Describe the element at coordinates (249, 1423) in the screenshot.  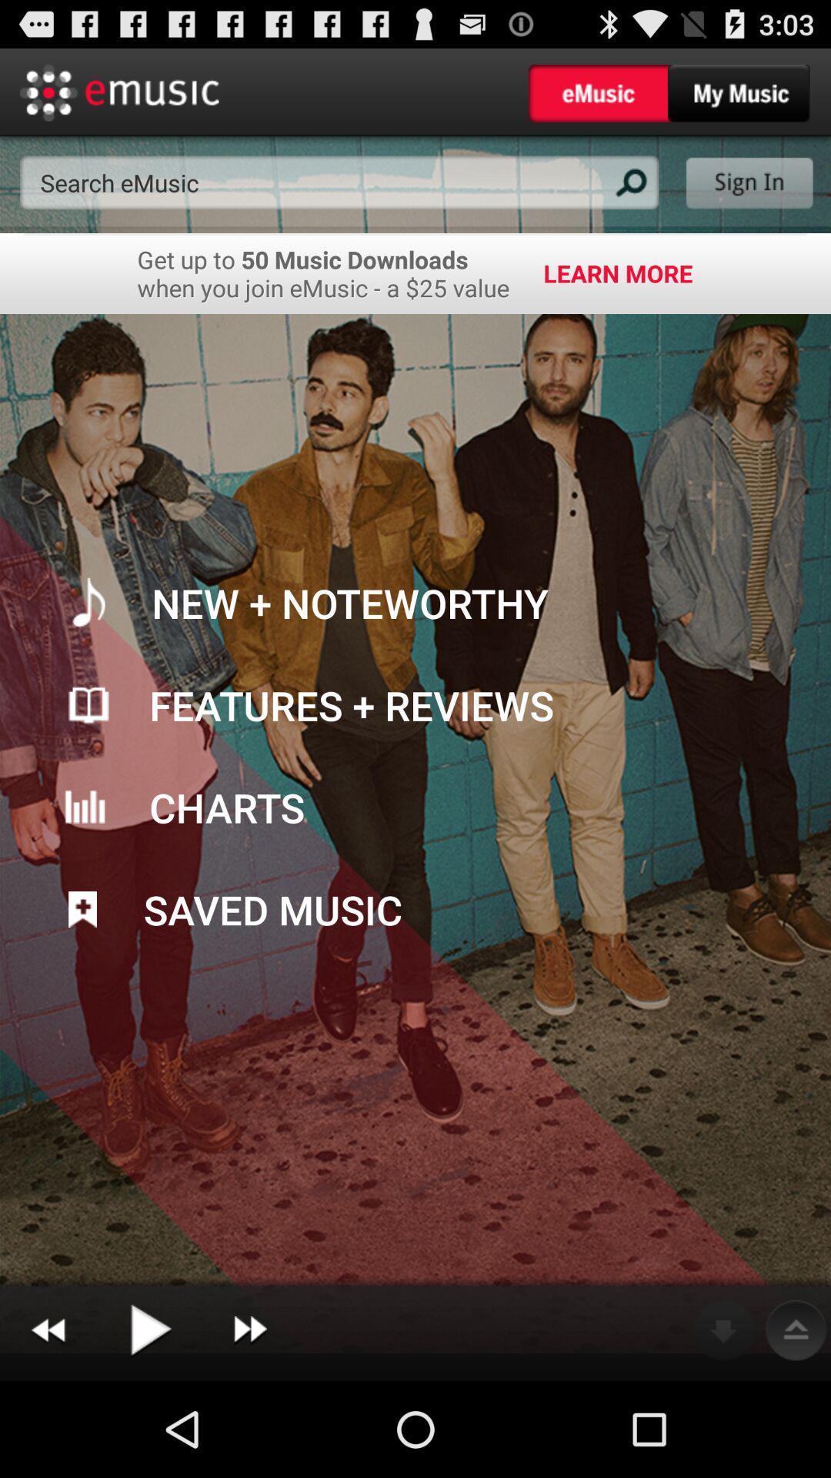
I see `the av_forward icon` at that location.